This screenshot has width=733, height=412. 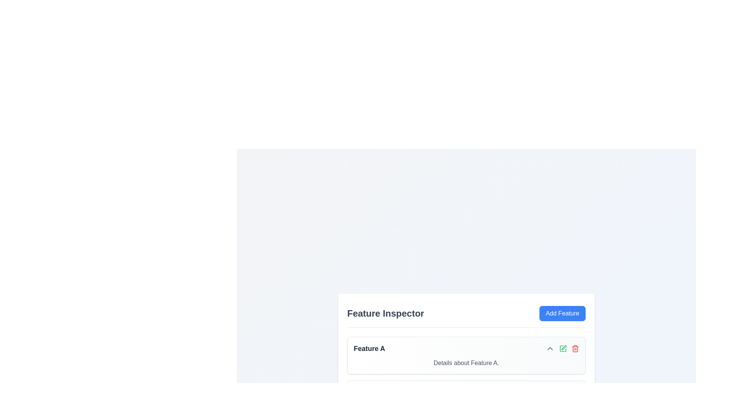 What do you see at coordinates (562, 348) in the screenshot?
I see `the button in the action bar that edits or modifies the details of 'Feature A', located between the up-arrow icon and the trash icon` at bounding box center [562, 348].